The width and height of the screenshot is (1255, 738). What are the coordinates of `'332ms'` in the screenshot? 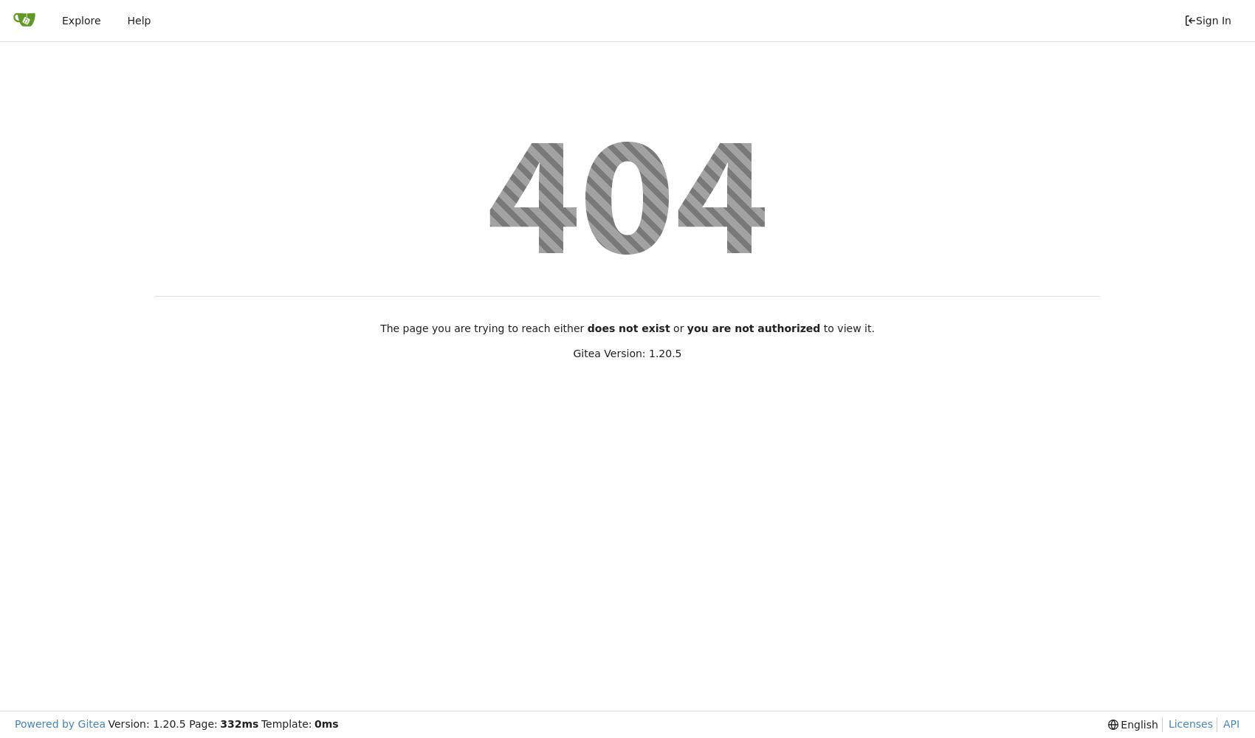 It's located at (238, 723).